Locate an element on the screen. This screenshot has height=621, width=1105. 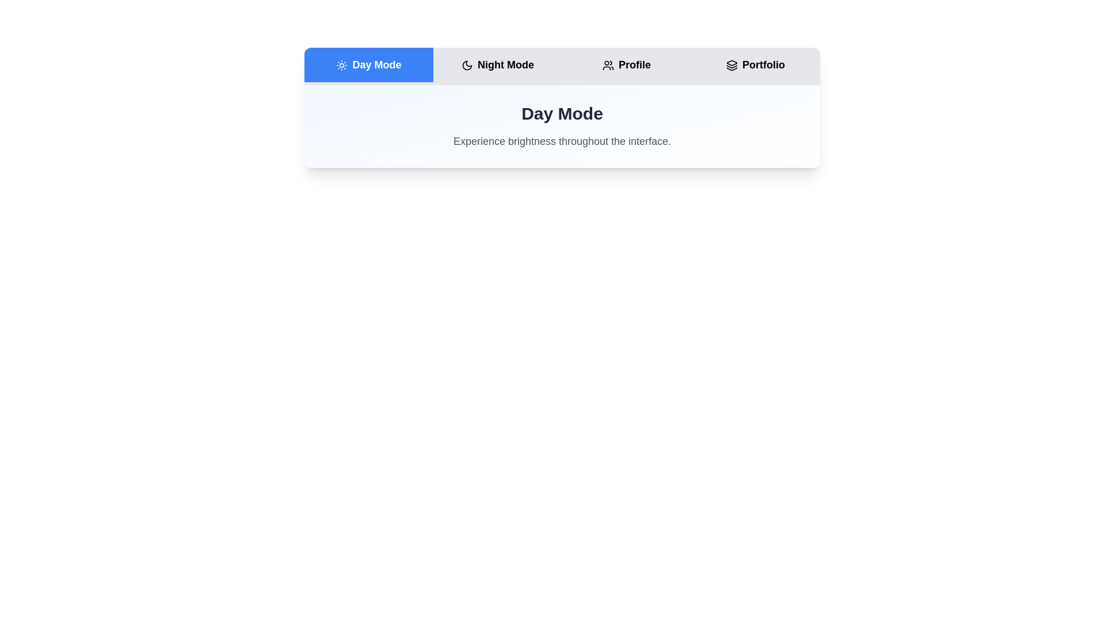
the tab labeled Portfolio is located at coordinates (756, 64).